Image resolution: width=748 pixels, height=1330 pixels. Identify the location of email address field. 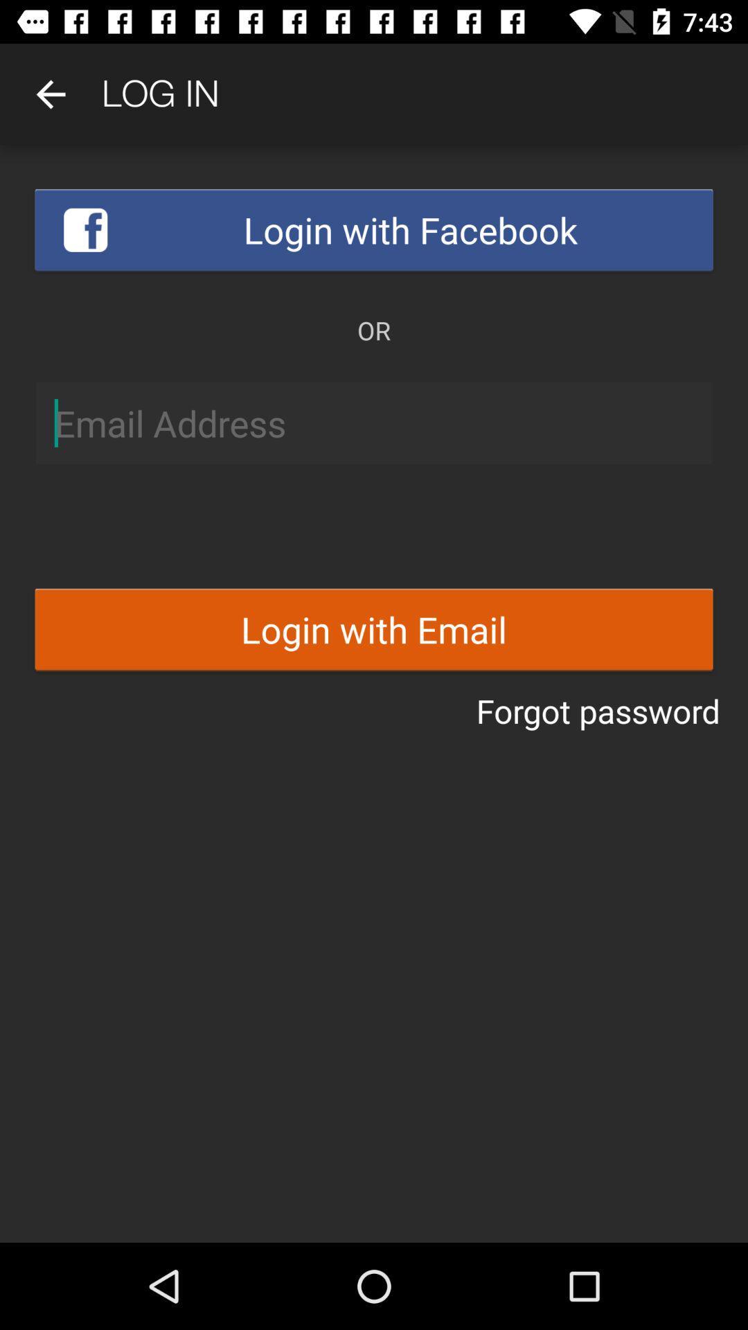
(374, 423).